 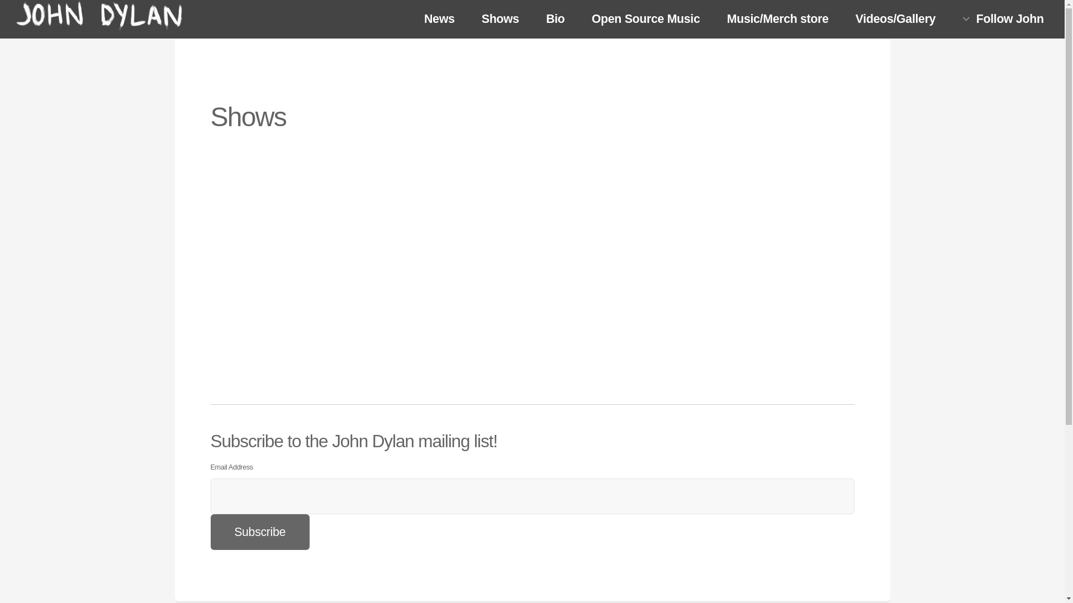 I want to click on 'Bio', so click(x=555, y=20).